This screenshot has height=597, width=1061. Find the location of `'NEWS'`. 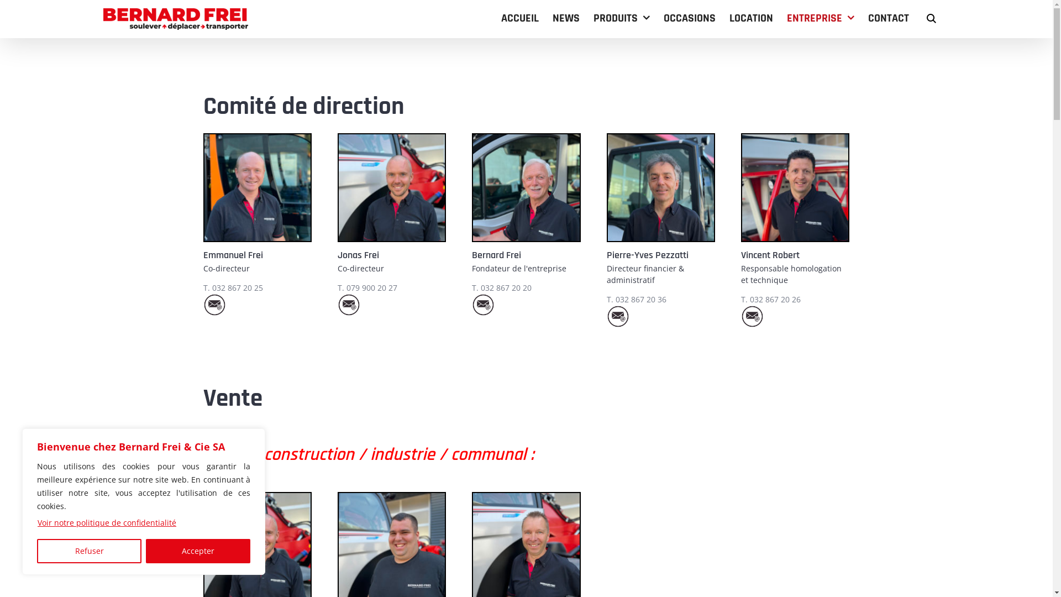

'NEWS' is located at coordinates (566, 18).